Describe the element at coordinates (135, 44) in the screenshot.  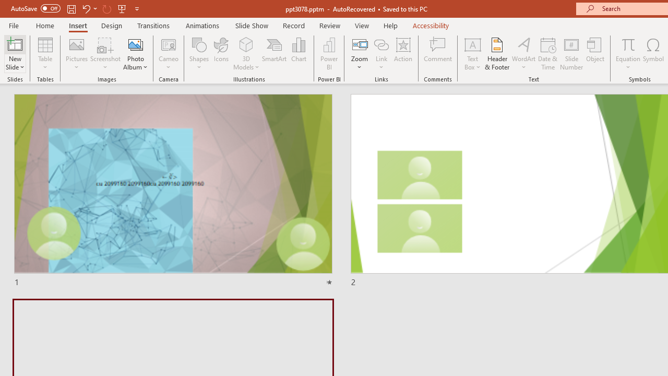
I see `'New Photo Album...'` at that location.